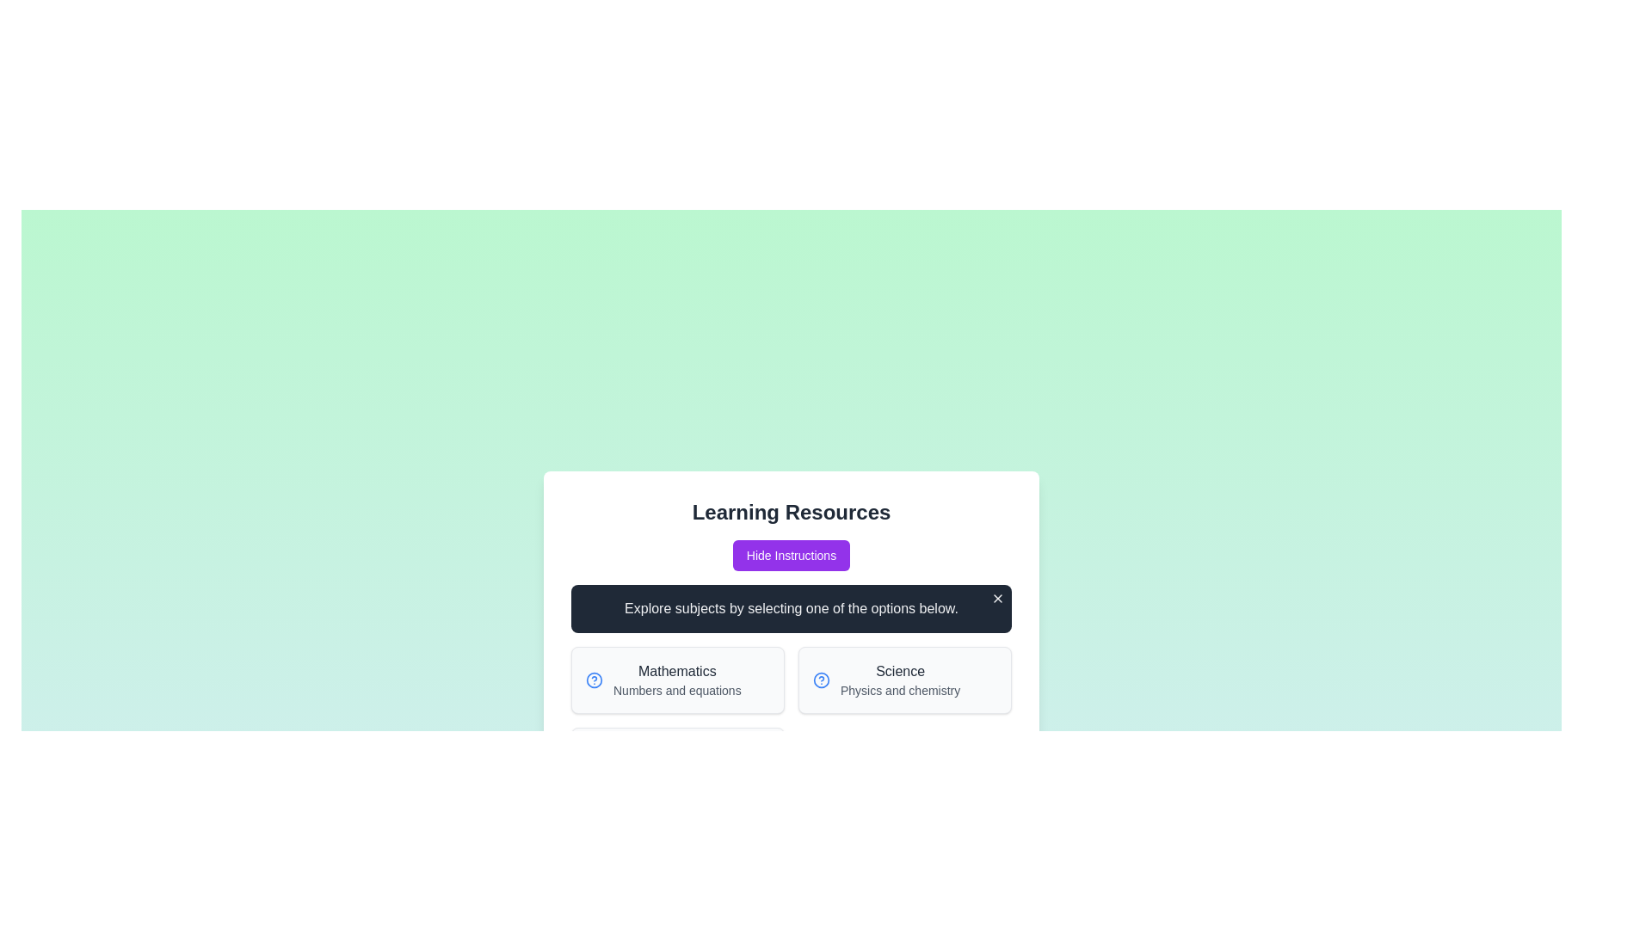 This screenshot has height=929, width=1652. What do you see at coordinates (595, 679) in the screenshot?
I see `the help icon located in the top-left corner of the 'Mathematics' card within the 'Learning Resources' section, which is represented by a question mark symbol` at bounding box center [595, 679].